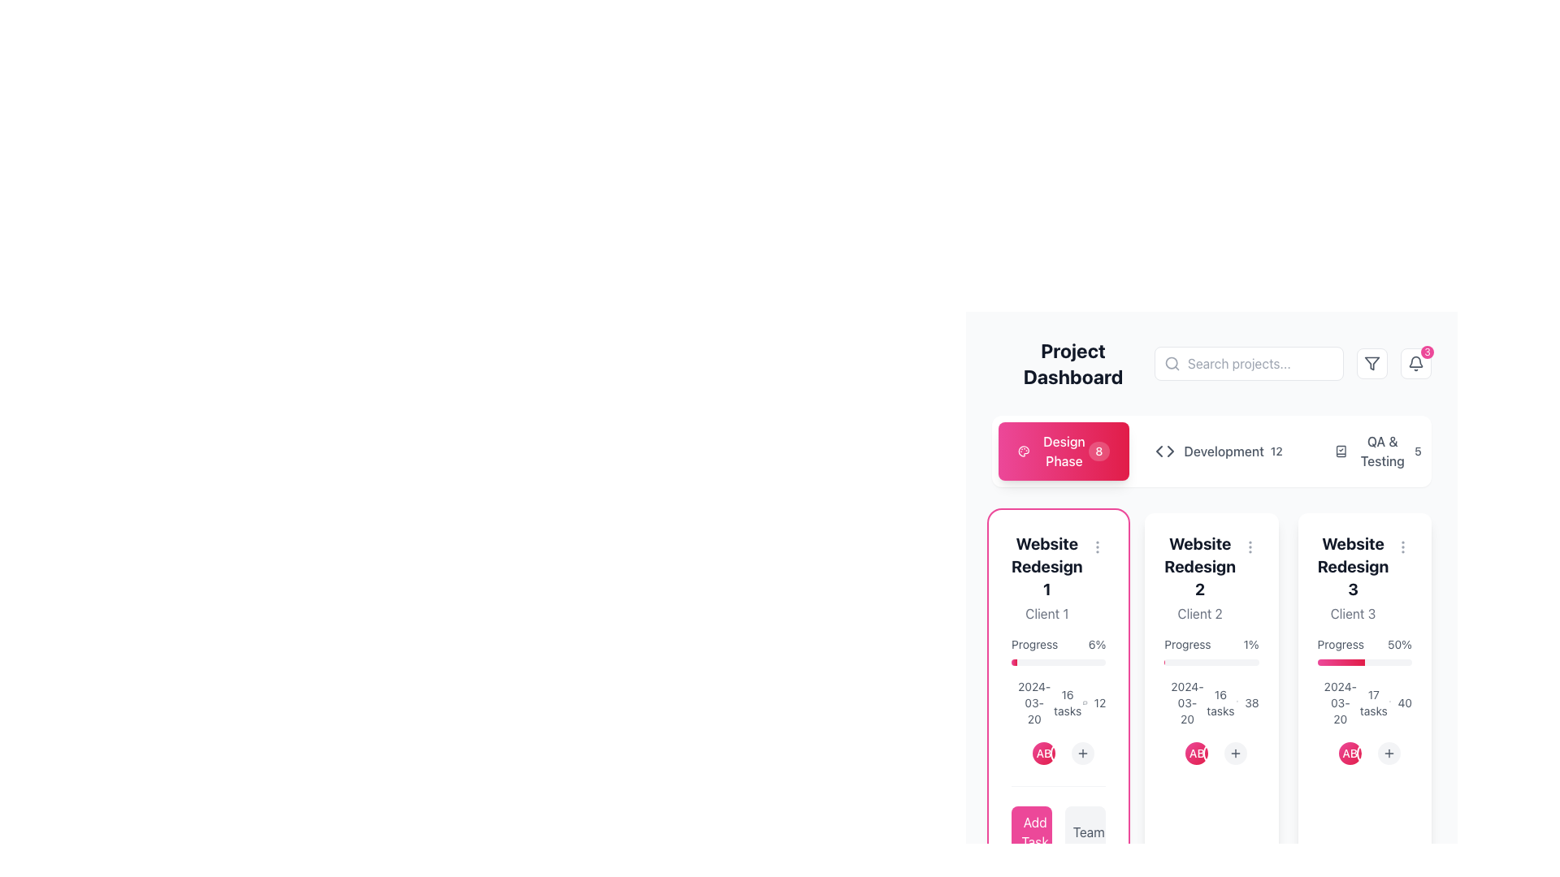  Describe the element at coordinates (1402, 547) in the screenshot. I see `the vertical ellipsis icon in the top-right corner of the 'Website Redesign 3' card` at that location.